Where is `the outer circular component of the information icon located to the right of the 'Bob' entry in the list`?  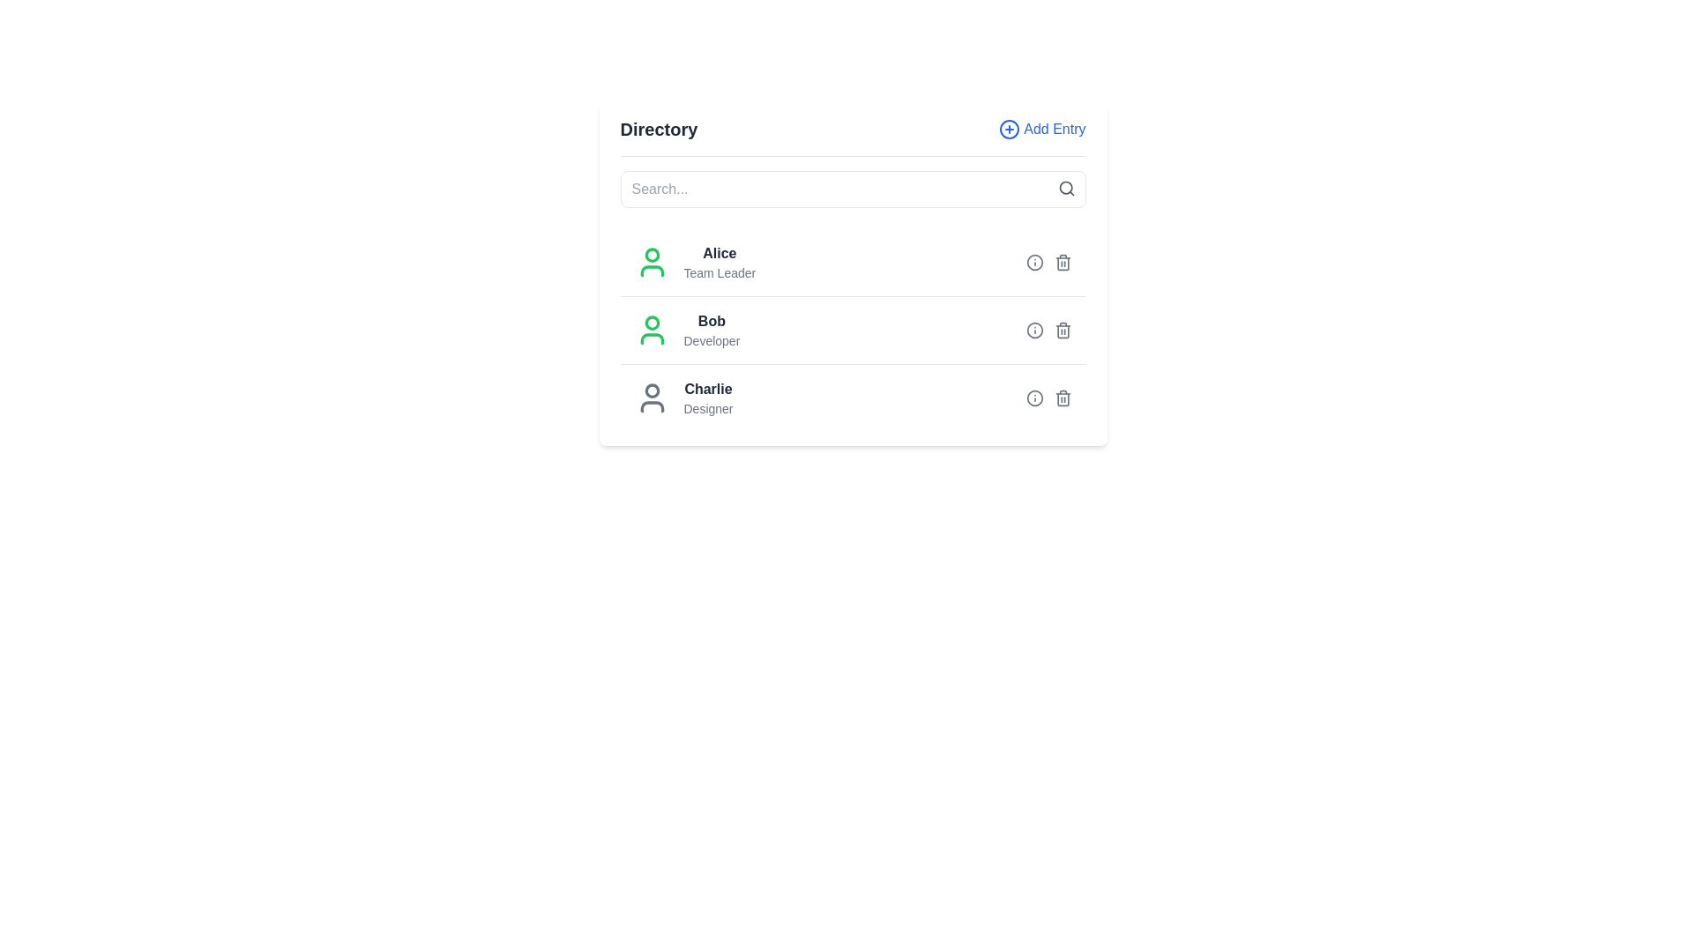
the outer circular component of the information icon located to the right of the 'Bob' entry in the list is located at coordinates (1034, 330).